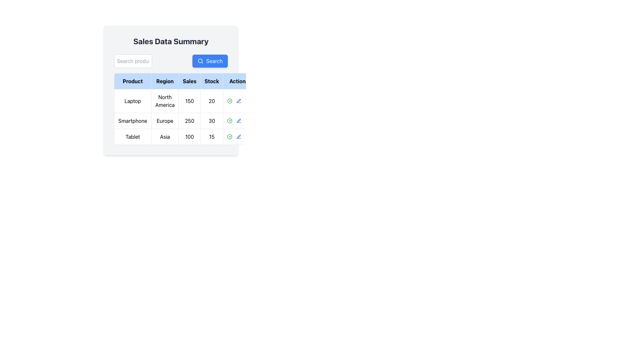  Describe the element at coordinates (165, 101) in the screenshot. I see `the 'Region' label in the product row for 'Laptop', which is read-only and displays the region associated with the product` at that location.